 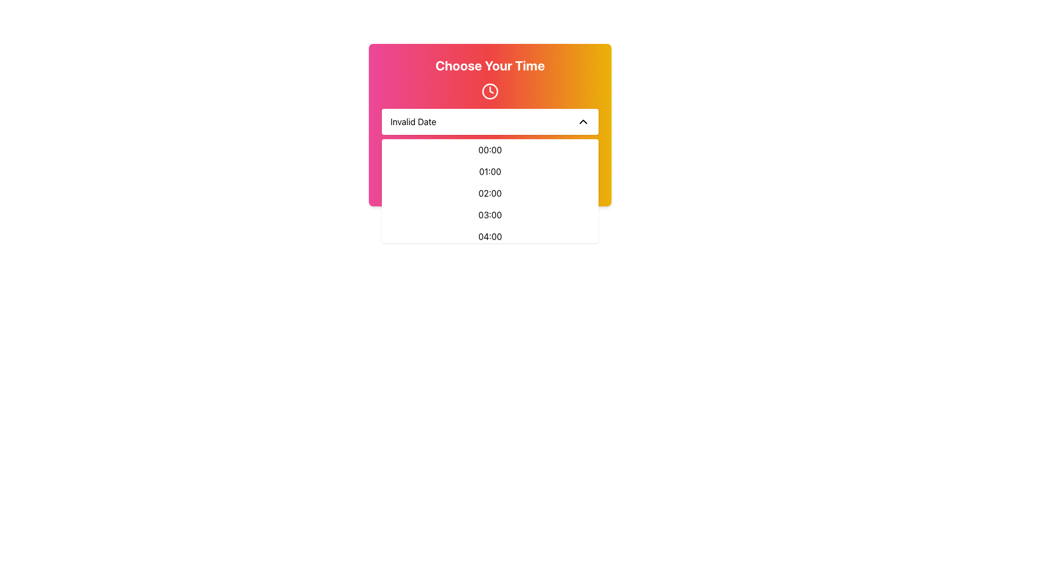 I want to click on the third option '02:00' in the dropdown menu that is aligned centrally beneath the 'Invalid Date' dropdown trigger, so click(x=490, y=191).